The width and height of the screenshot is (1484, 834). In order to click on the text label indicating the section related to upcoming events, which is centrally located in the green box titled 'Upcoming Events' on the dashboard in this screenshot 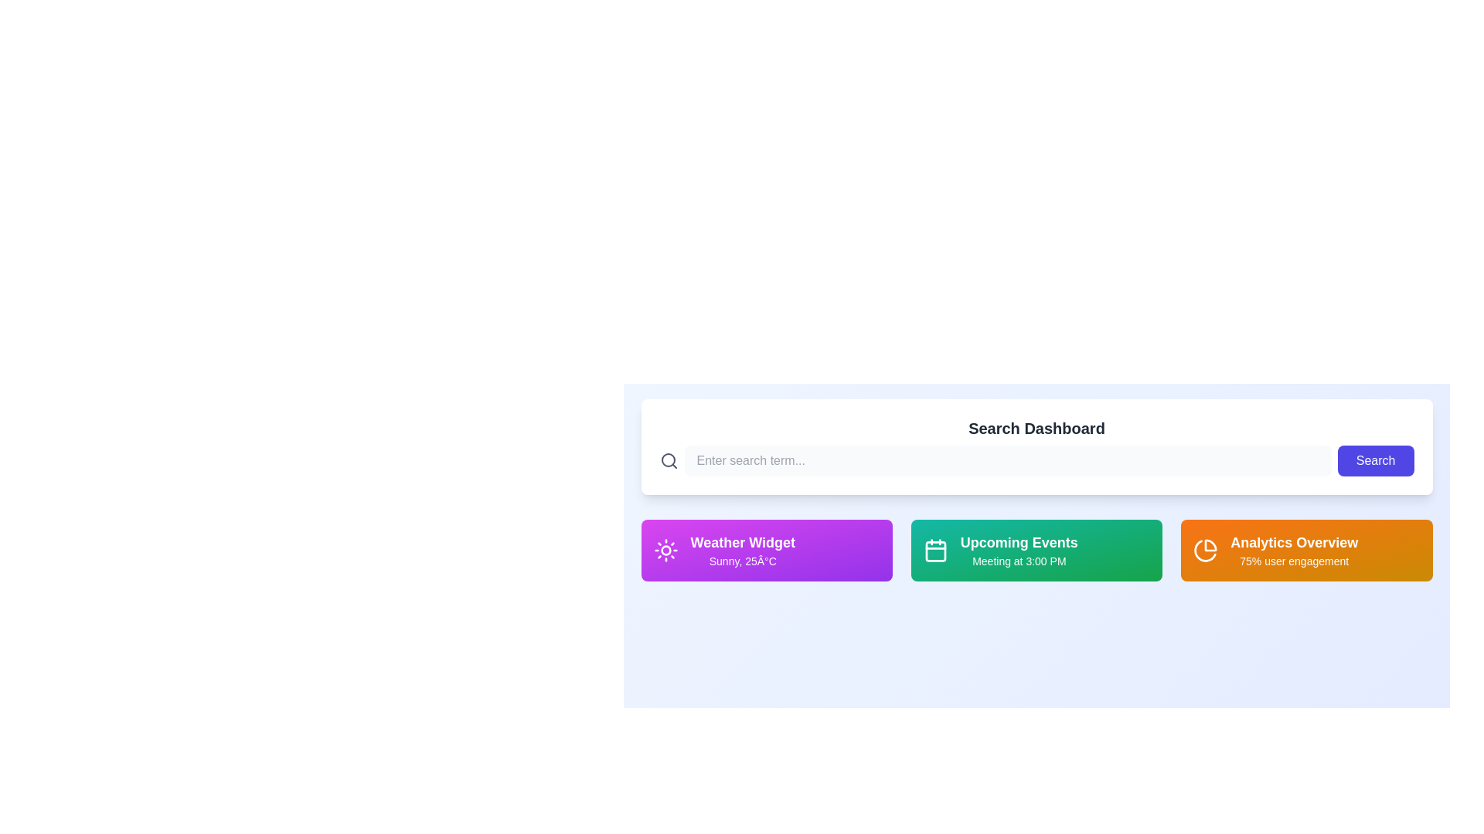, I will do `click(1019, 541)`.